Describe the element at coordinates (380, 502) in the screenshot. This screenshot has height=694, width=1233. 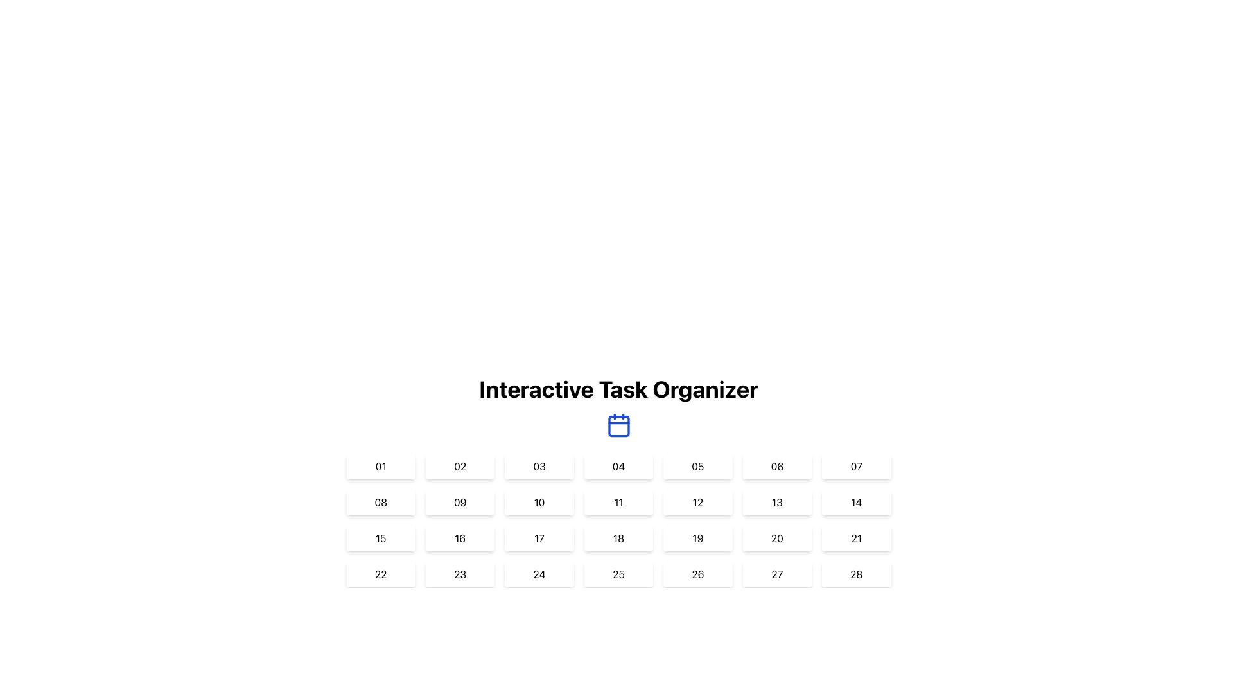
I see `the selectable day button located in the second row, first column of the grid layout` at that location.